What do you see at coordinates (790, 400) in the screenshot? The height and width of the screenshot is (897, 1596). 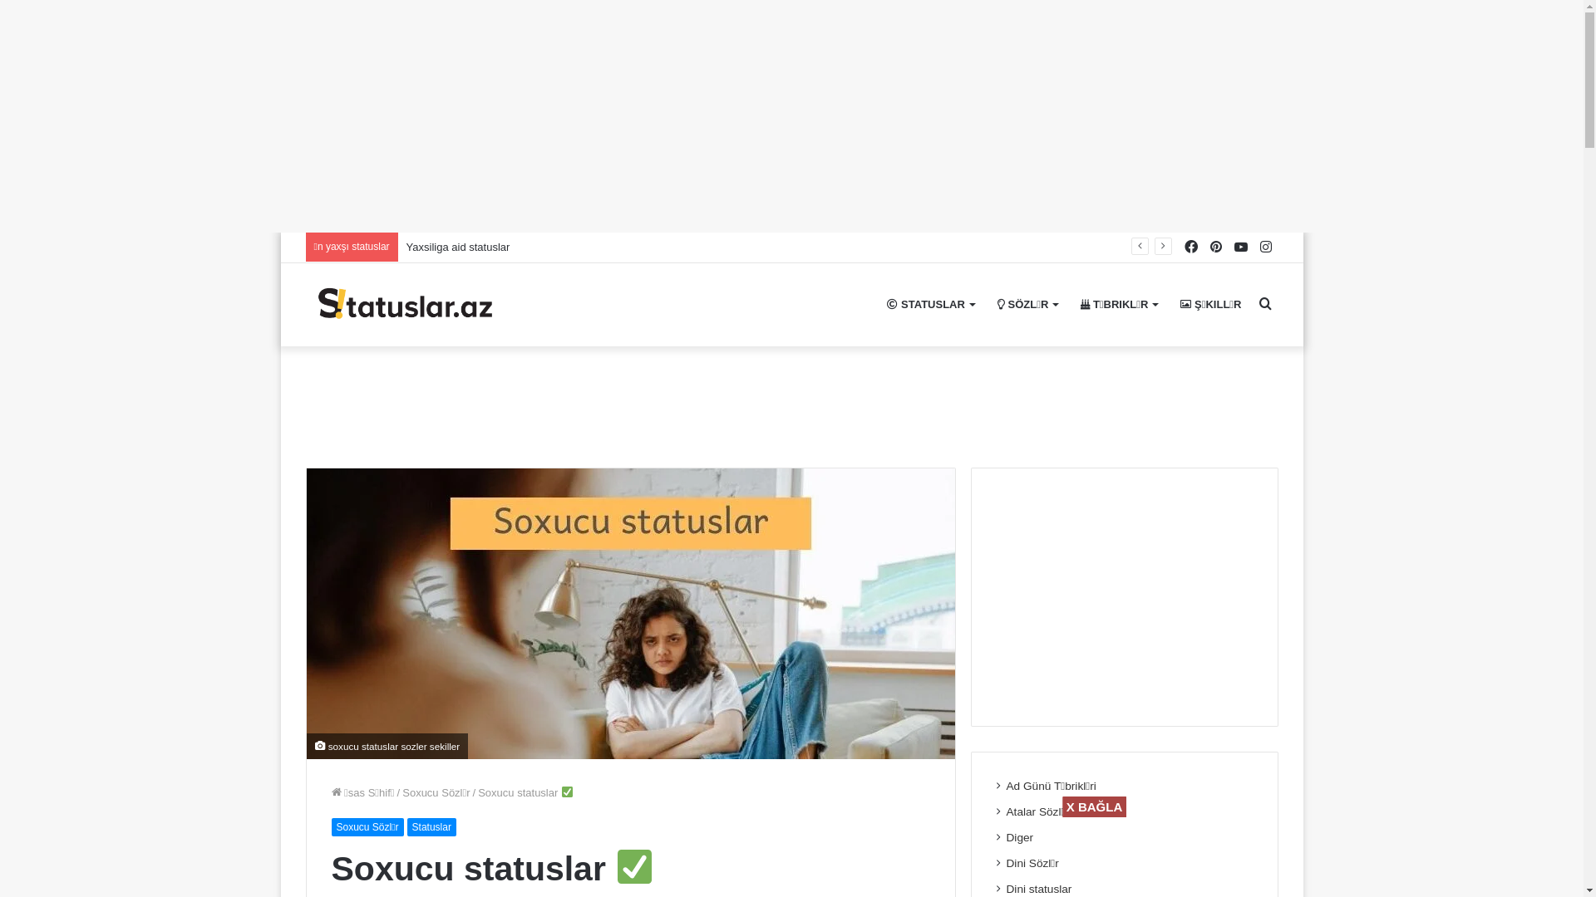 I see `'Advertisement'` at bounding box center [790, 400].